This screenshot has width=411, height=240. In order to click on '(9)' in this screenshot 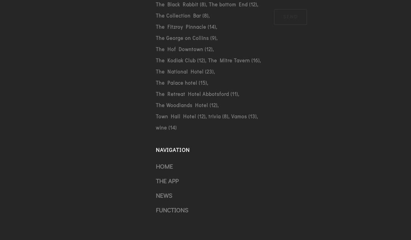, I will do `click(208, 37)`.